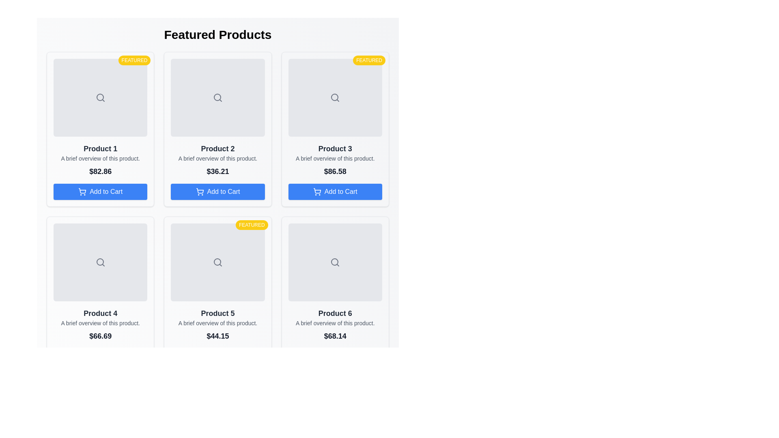 The image size is (779, 438). What do you see at coordinates (217, 262) in the screenshot?
I see `the circular lens component of the magnifying glass icon located at the center of the 'Product 5' card` at bounding box center [217, 262].